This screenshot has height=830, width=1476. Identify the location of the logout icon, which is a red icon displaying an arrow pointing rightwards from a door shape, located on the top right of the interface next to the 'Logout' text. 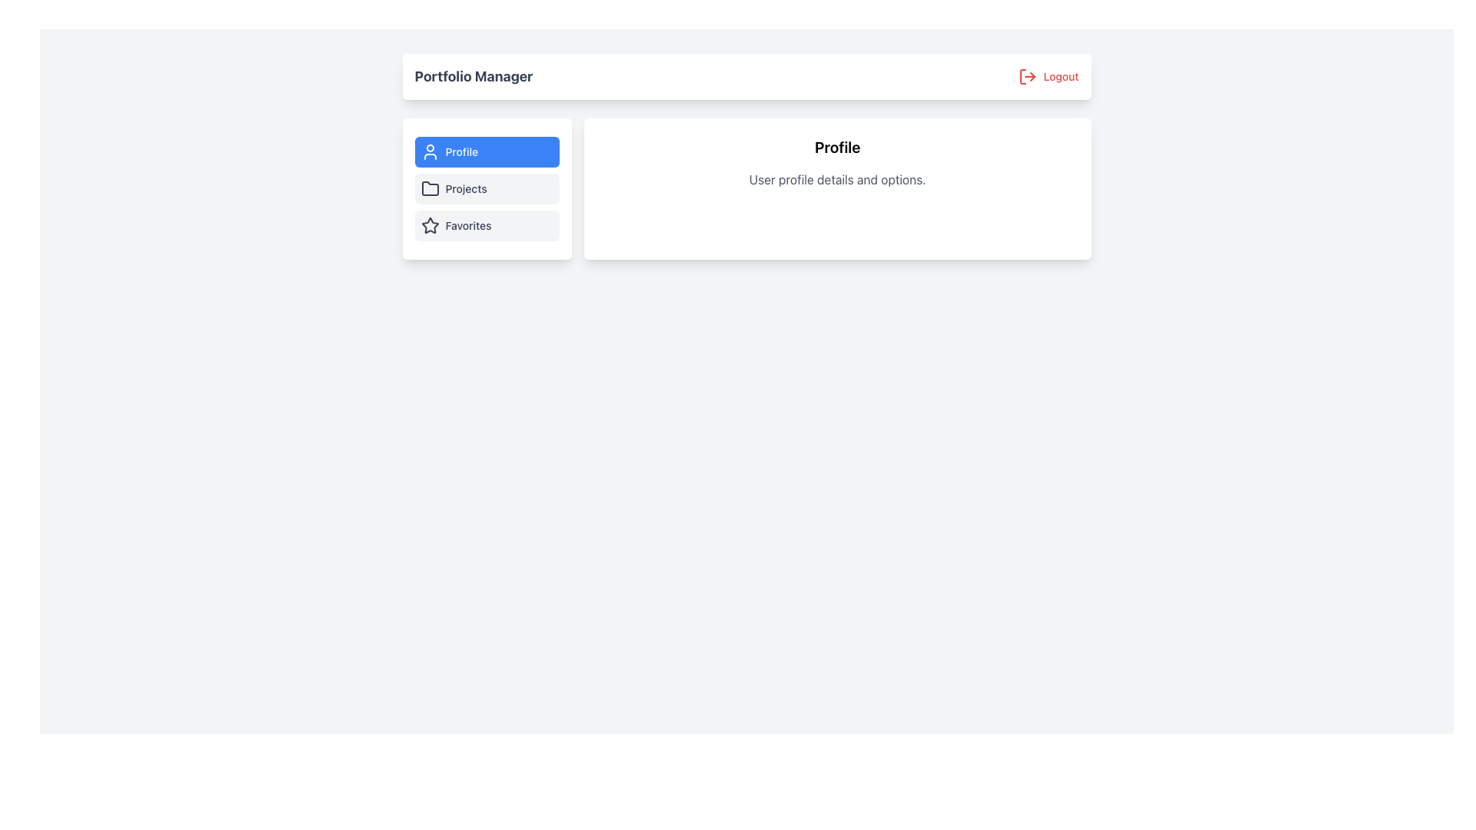
(1028, 77).